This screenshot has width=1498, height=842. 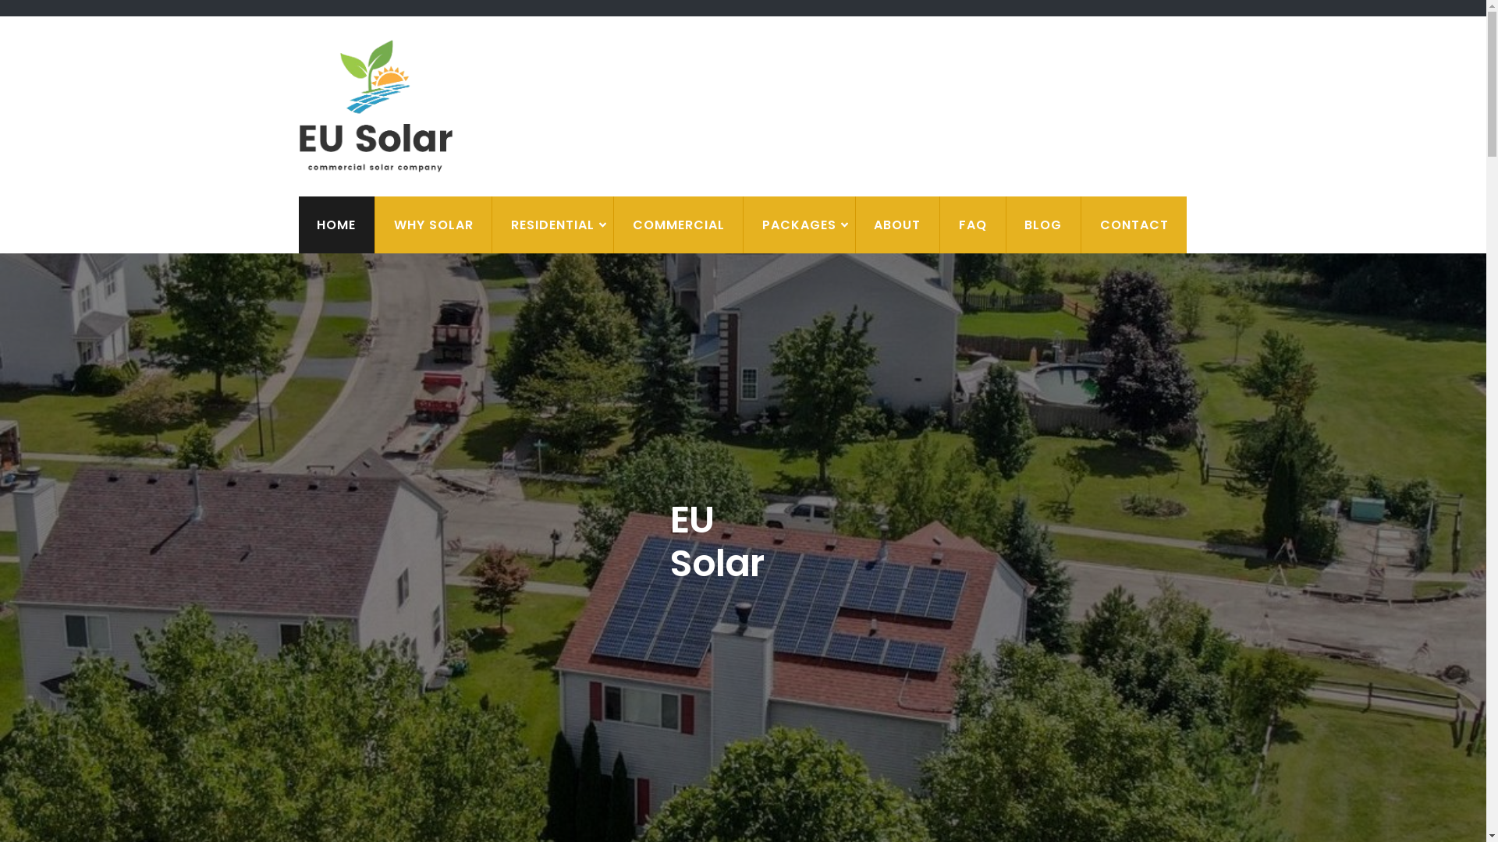 I want to click on 'COMMERCIAL', so click(x=678, y=225).